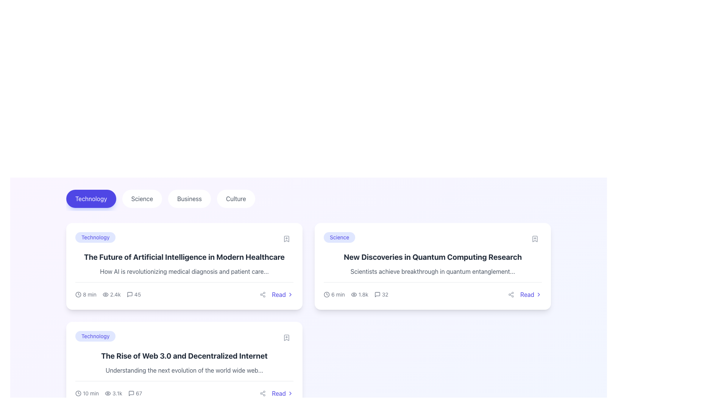 Image resolution: width=727 pixels, height=409 pixels. Describe the element at coordinates (286, 239) in the screenshot. I see `the bookmark icon with a '+' sign inside it located at the top-right corner of the first card in the 'Technology' section to bookmark the article titled 'The Future of Artificial Intelligence in Modern Healthcare.'` at that location.